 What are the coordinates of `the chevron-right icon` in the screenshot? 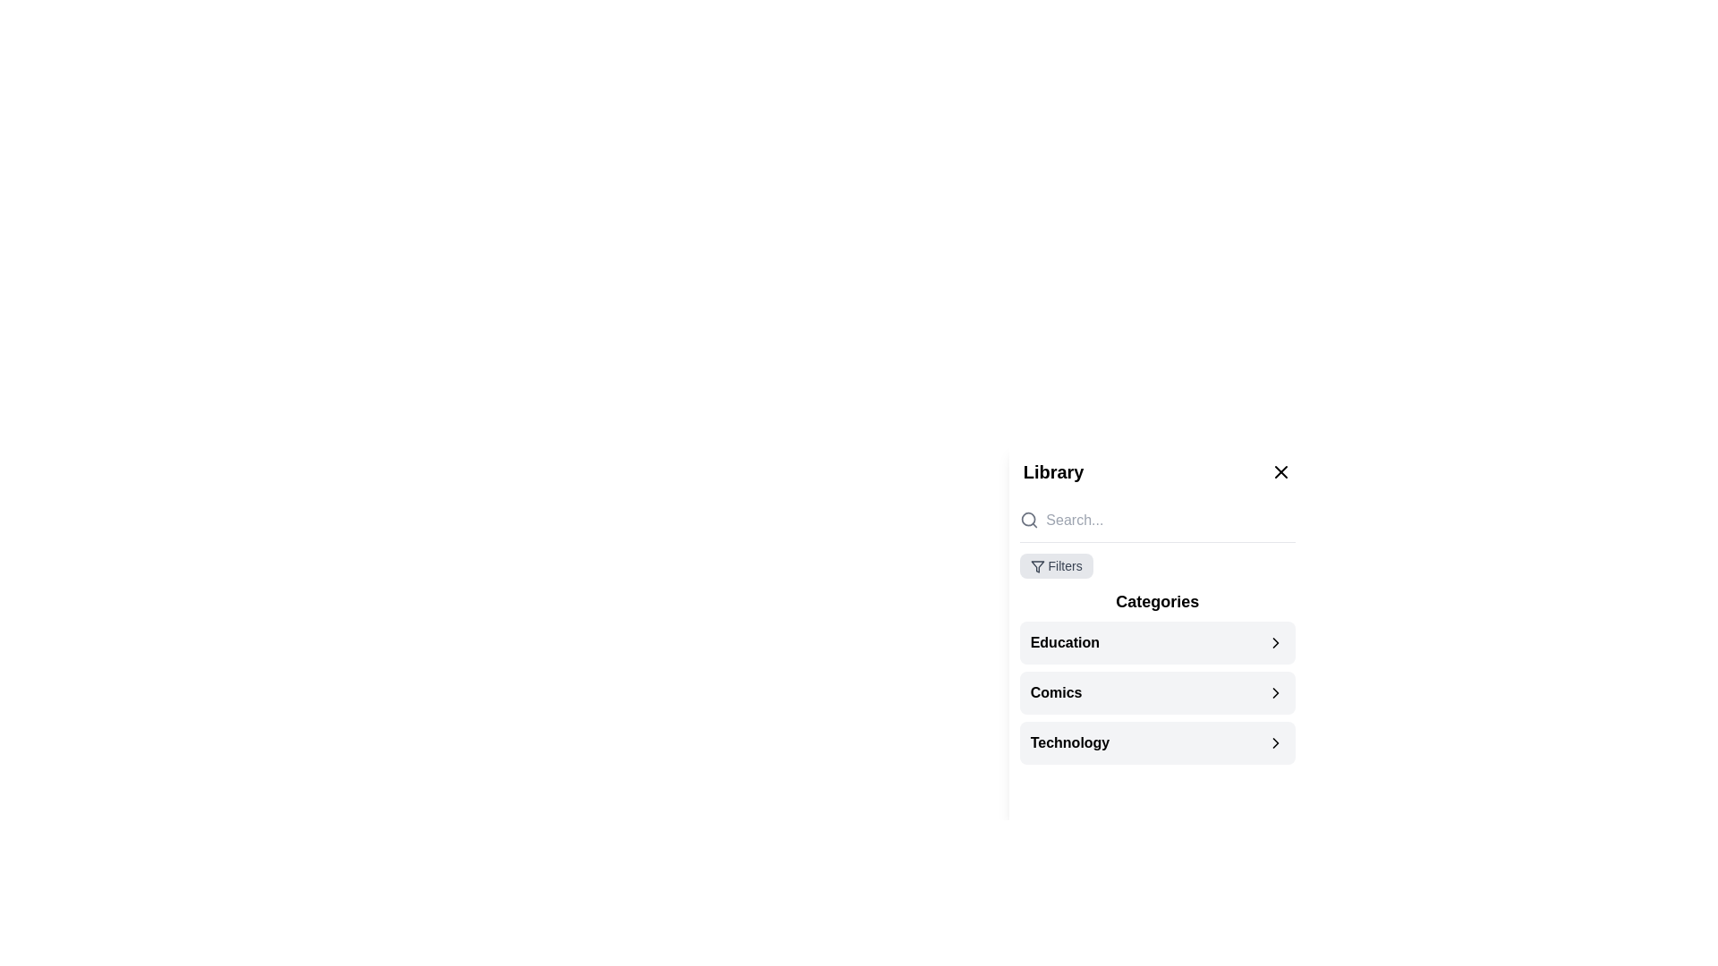 It's located at (1274, 641).